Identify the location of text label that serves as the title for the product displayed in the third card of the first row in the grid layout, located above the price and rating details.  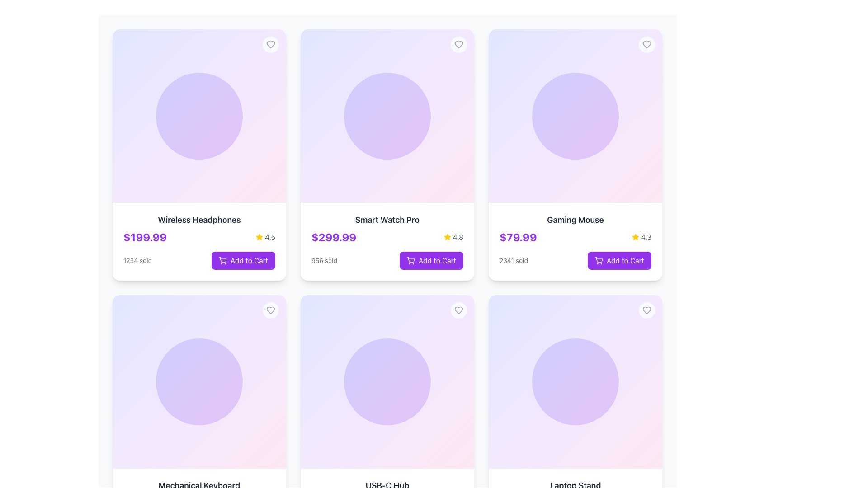
(575, 220).